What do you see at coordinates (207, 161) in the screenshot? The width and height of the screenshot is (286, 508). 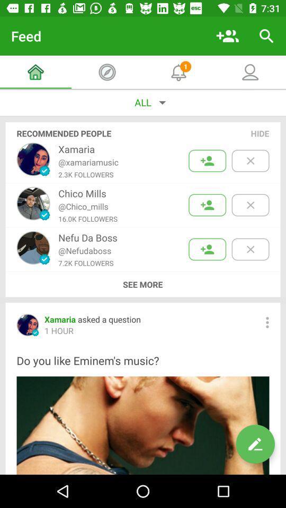 I see `friend` at bounding box center [207, 161].